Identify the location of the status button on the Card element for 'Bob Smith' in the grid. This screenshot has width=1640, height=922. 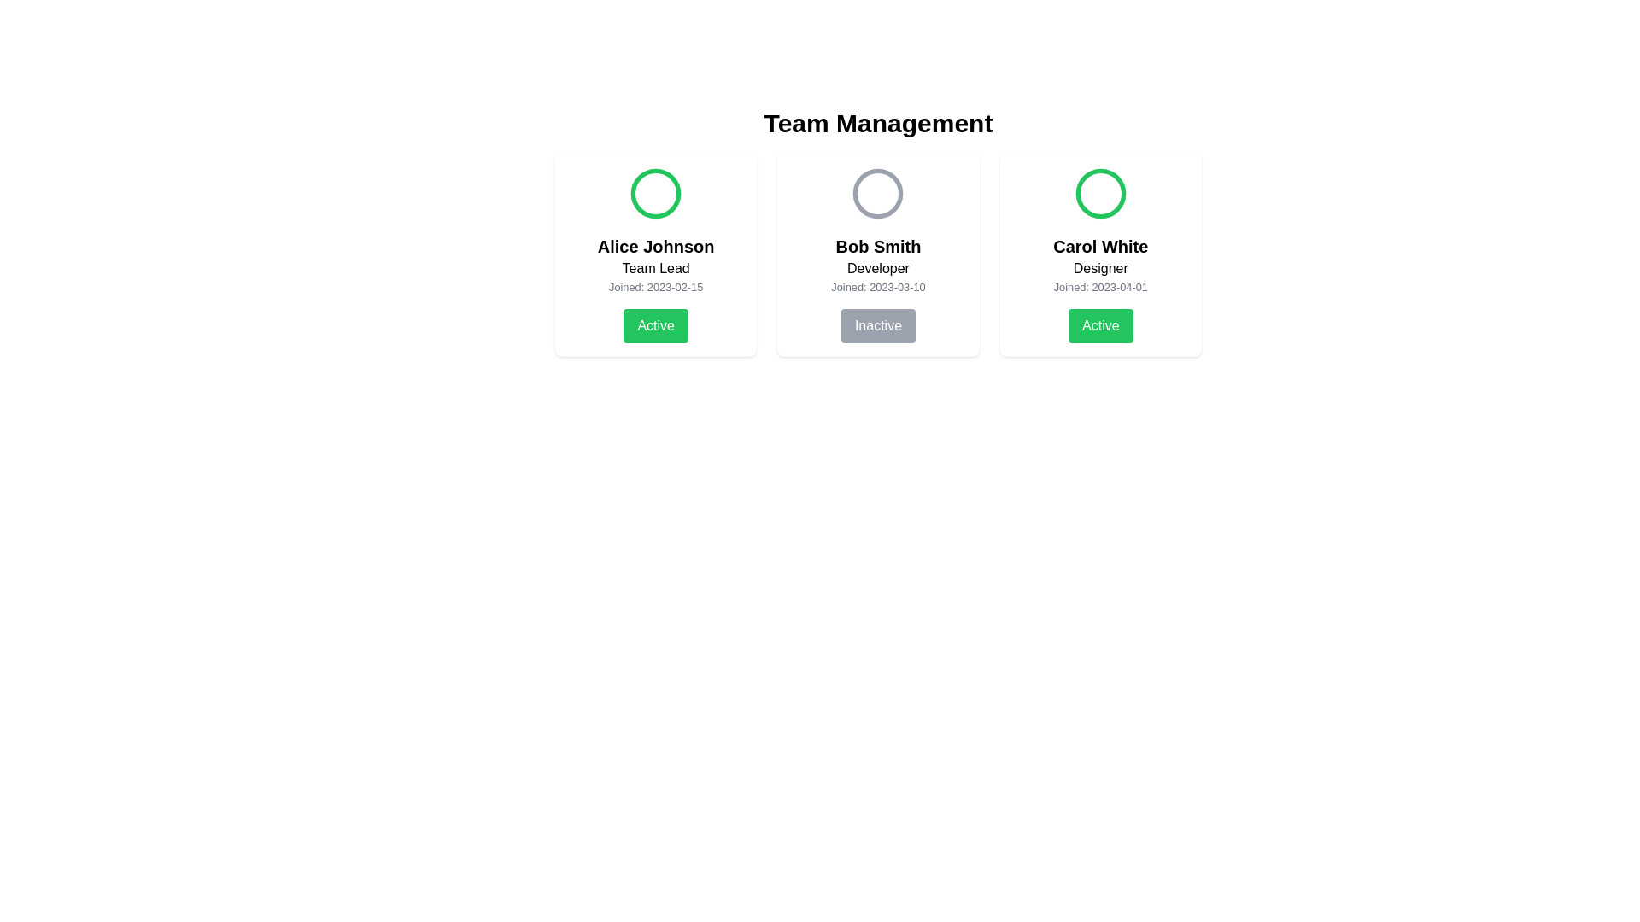
(878, 254).